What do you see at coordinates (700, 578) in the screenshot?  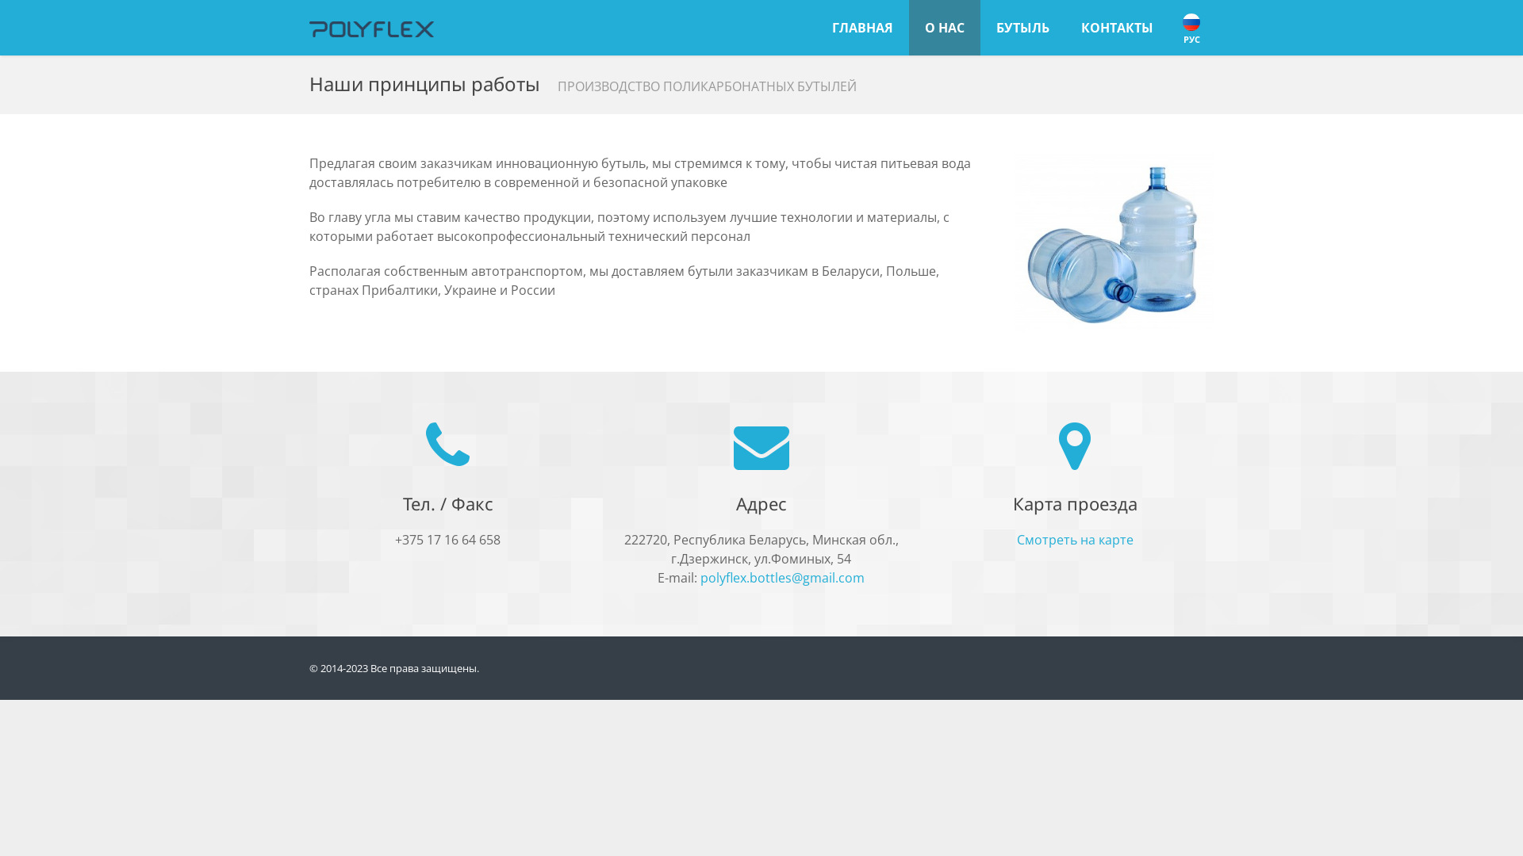 I see `'polyflex.bottles@gmail.com'` at bounding box center [700, 578].